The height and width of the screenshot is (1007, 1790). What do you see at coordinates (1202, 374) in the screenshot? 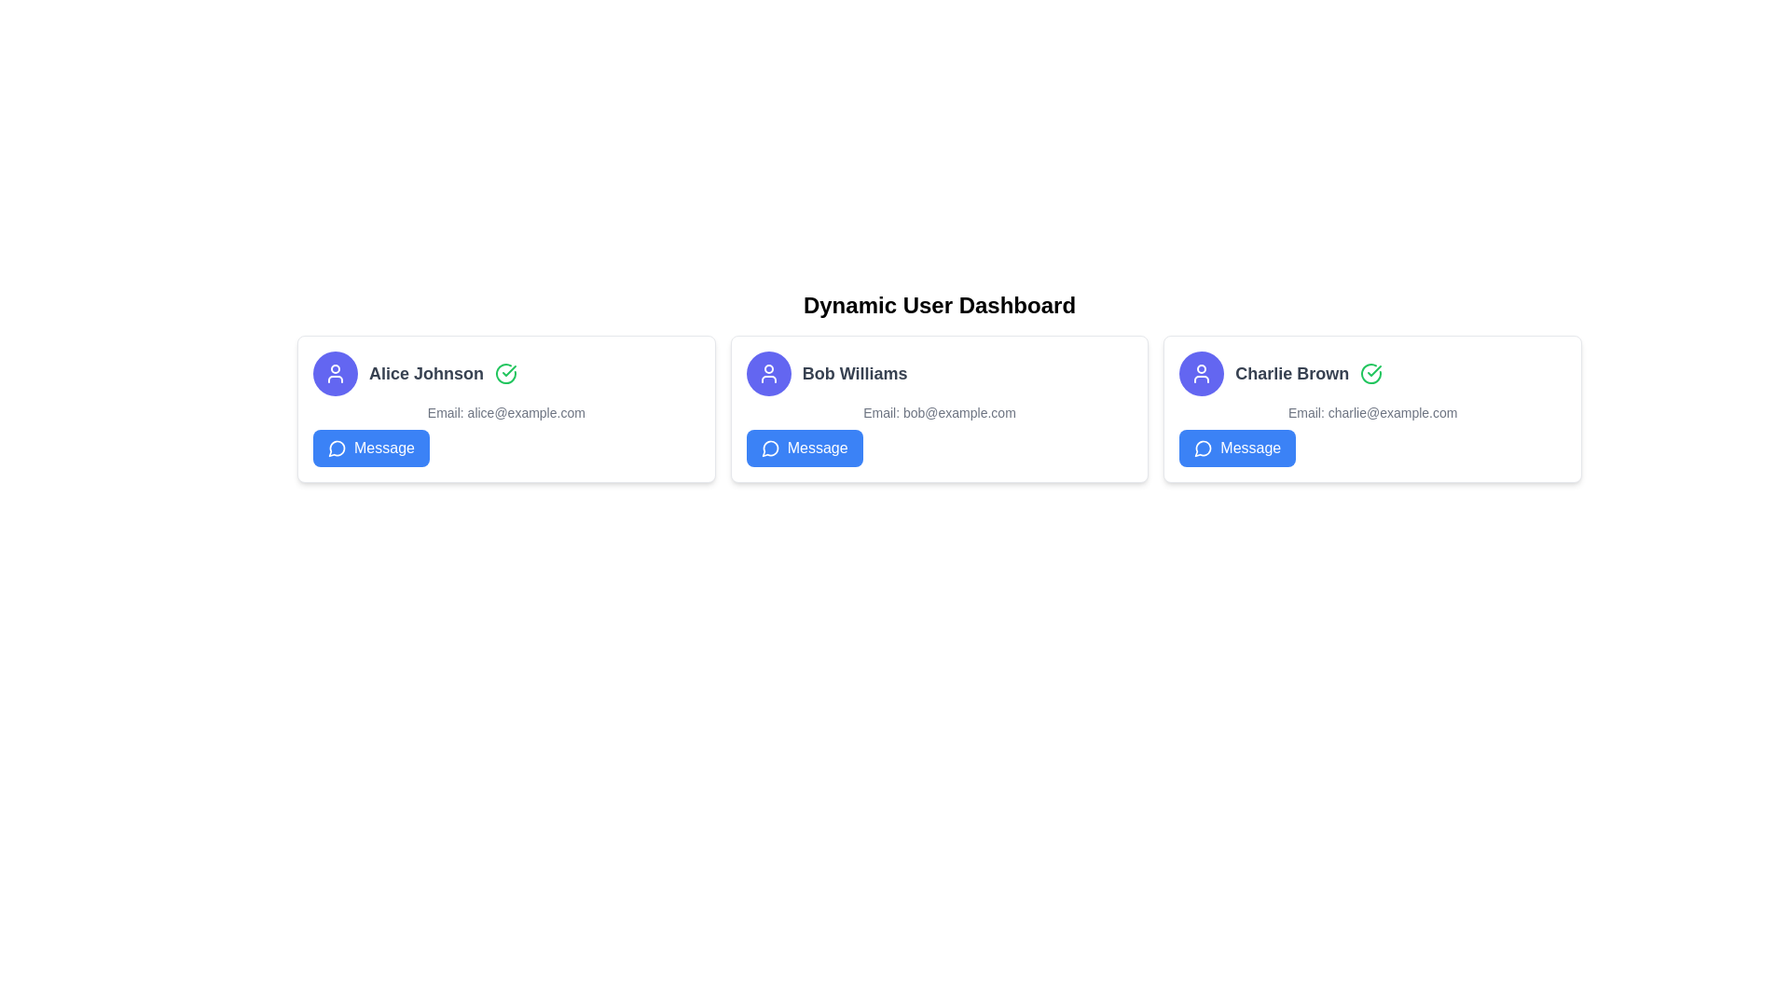
I see `the user profile SVG icon with a purple circular background located in the top-left section of the card labeled 'Bob Williams'` at bounding box center [1202, 374].